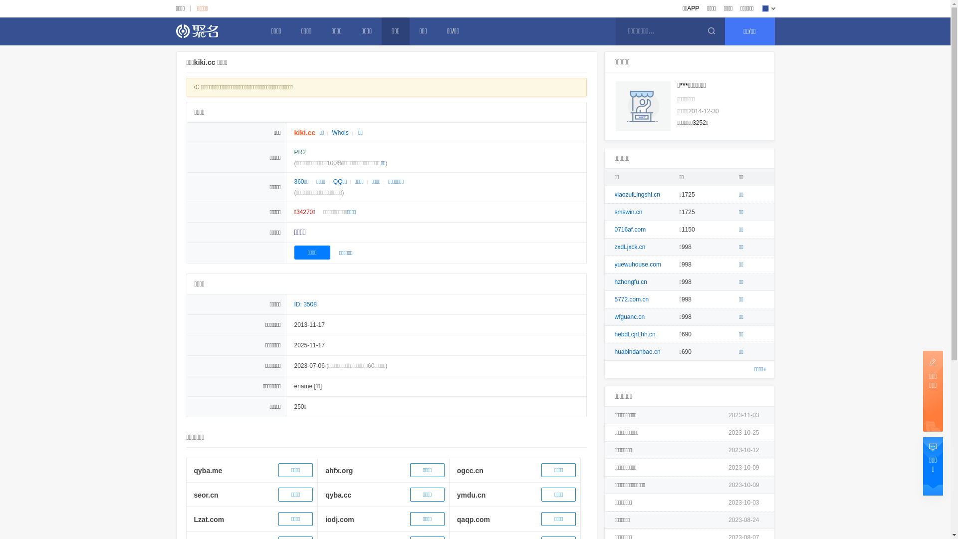 Image resolution: width=958 pixels, height=539 pixels. I want to click on 'yuewuhouse.com', so click(637, 264).